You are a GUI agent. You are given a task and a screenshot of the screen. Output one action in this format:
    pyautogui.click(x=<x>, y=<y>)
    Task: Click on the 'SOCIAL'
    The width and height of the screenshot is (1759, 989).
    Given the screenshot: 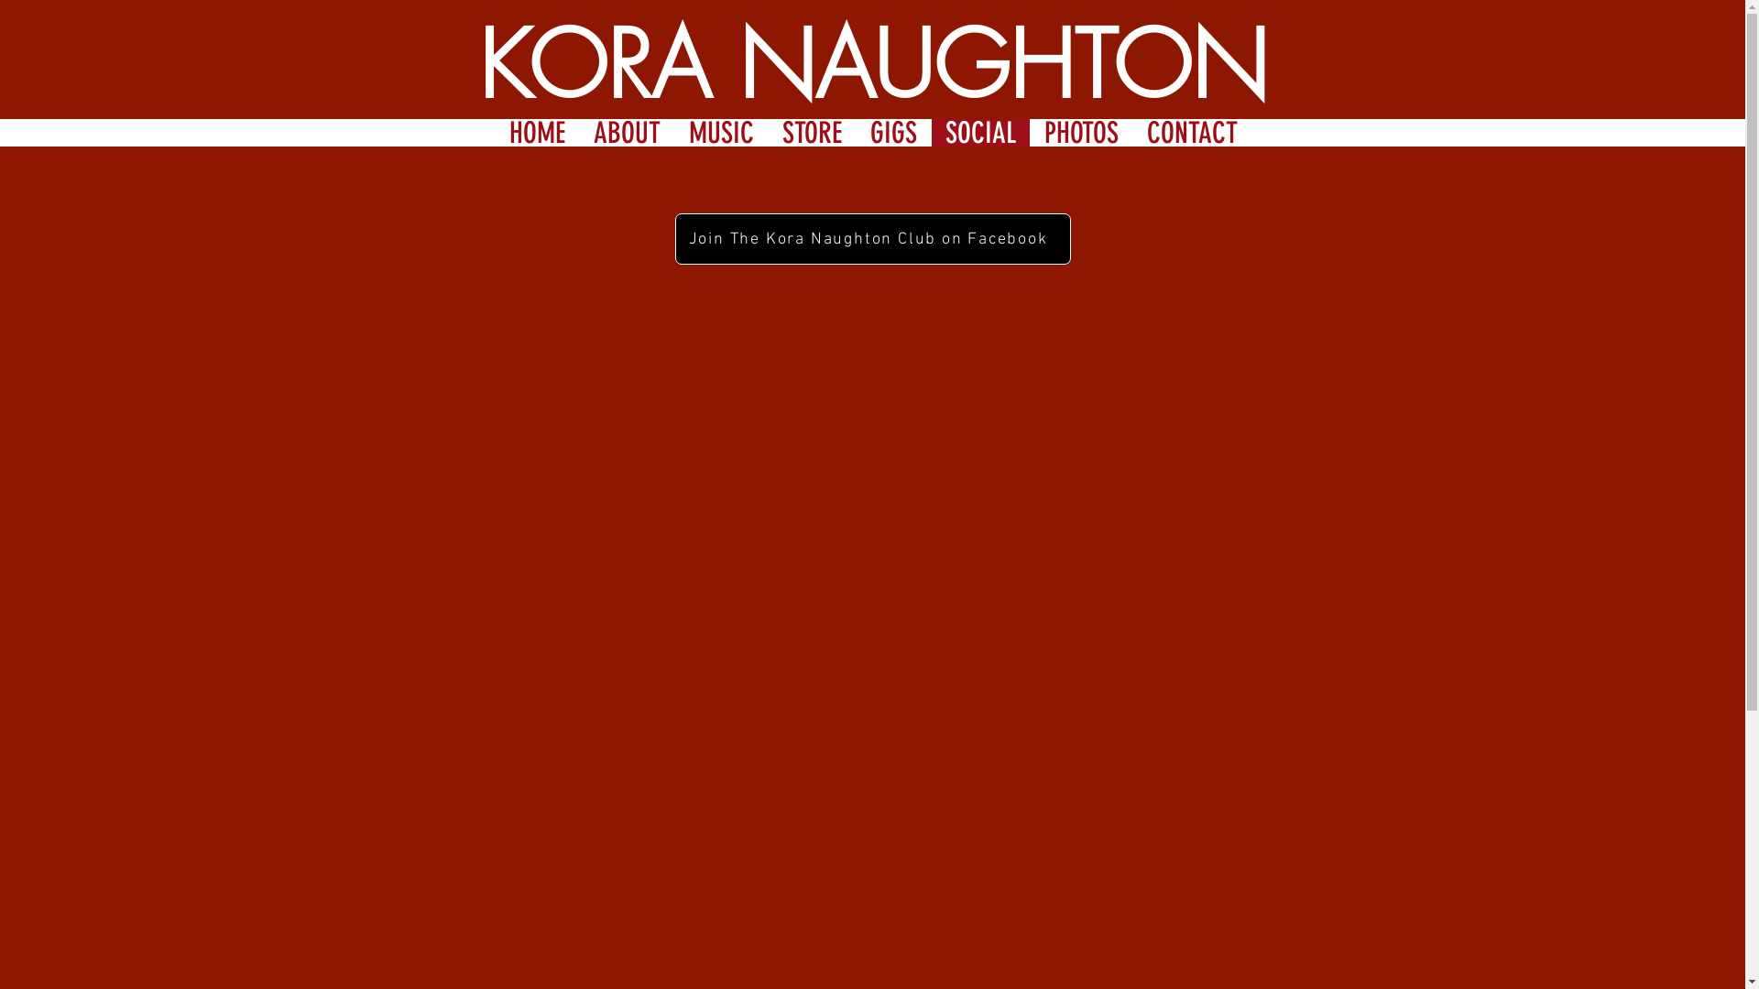 What is the action you would take?
    pyautogui.click(x=979, y=132)
    